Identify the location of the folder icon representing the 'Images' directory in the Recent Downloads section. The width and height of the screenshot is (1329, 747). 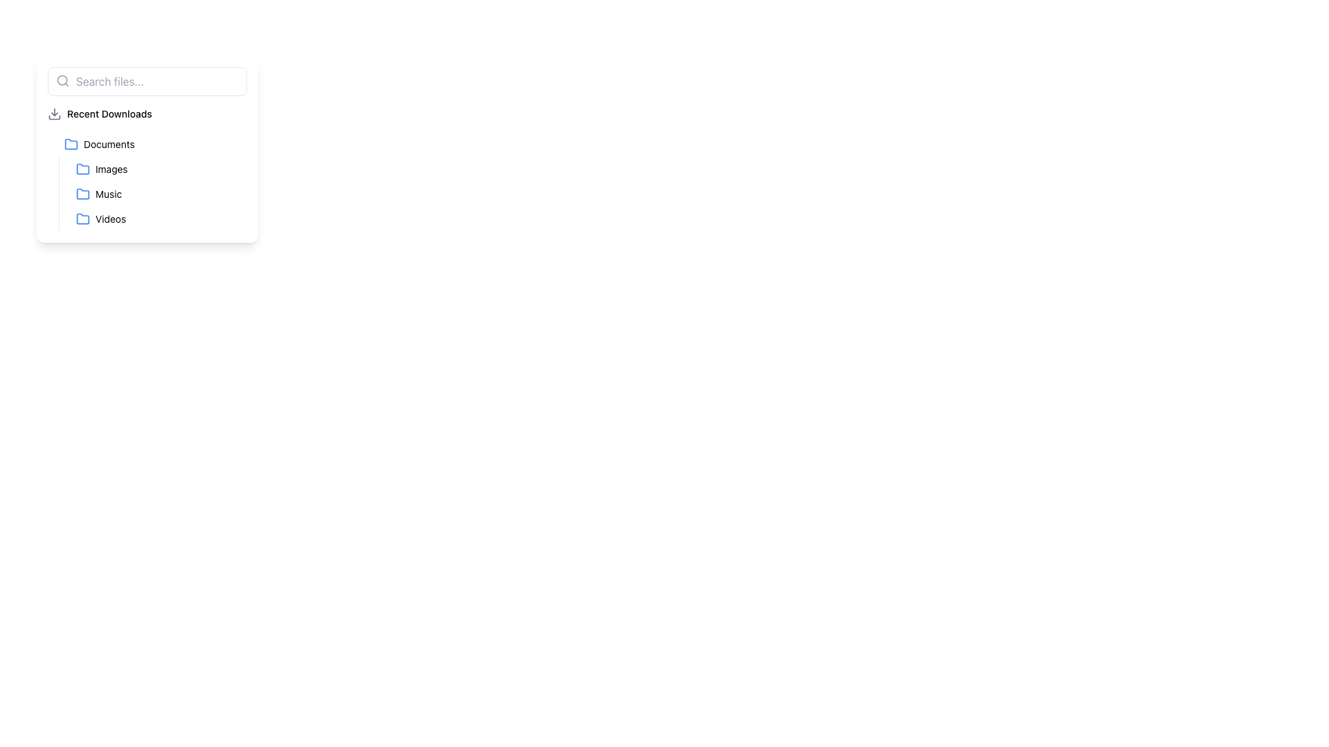
(82, 169).